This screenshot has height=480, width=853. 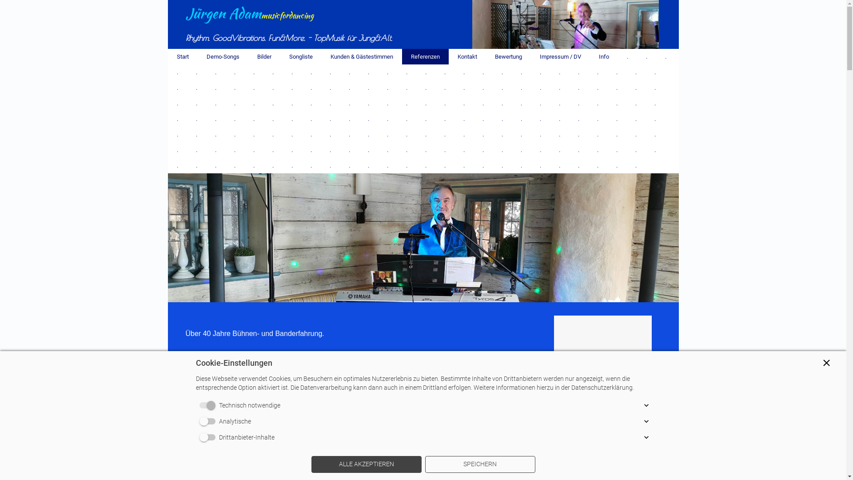 What do you see at coordinates (486, 56) in the screenshot?
I see `'Bewertung'` at bounding box center [486, 56].